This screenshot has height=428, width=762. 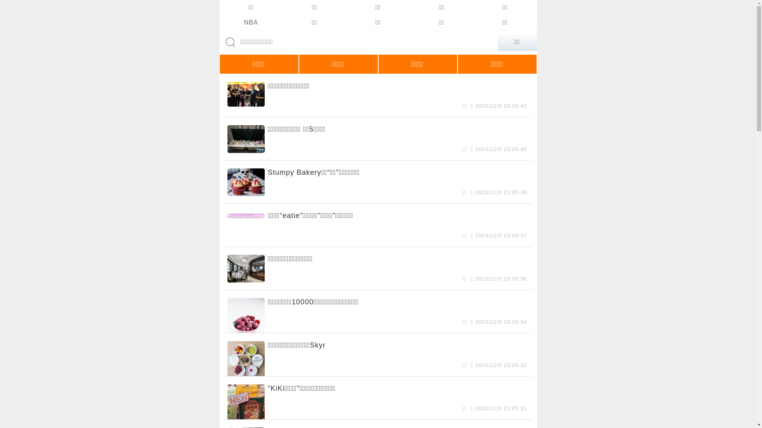 What do you see at coordinates (250, 22) in the screenshot?
I see `'NBA'` at bounding box center [250, 22].